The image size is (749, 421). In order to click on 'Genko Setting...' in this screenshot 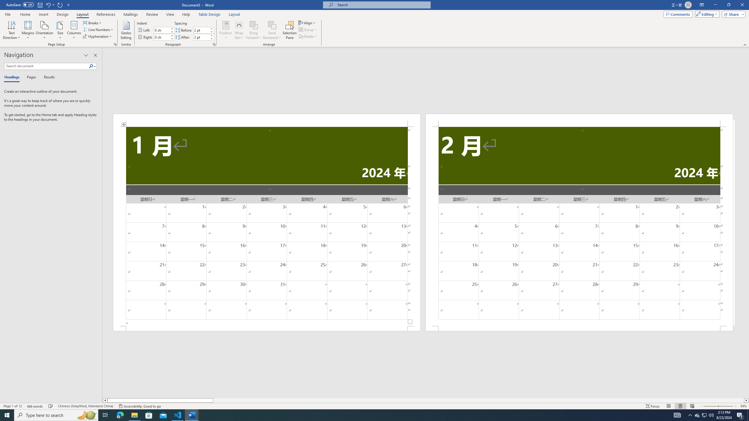, I will do `click(126, 30)`.